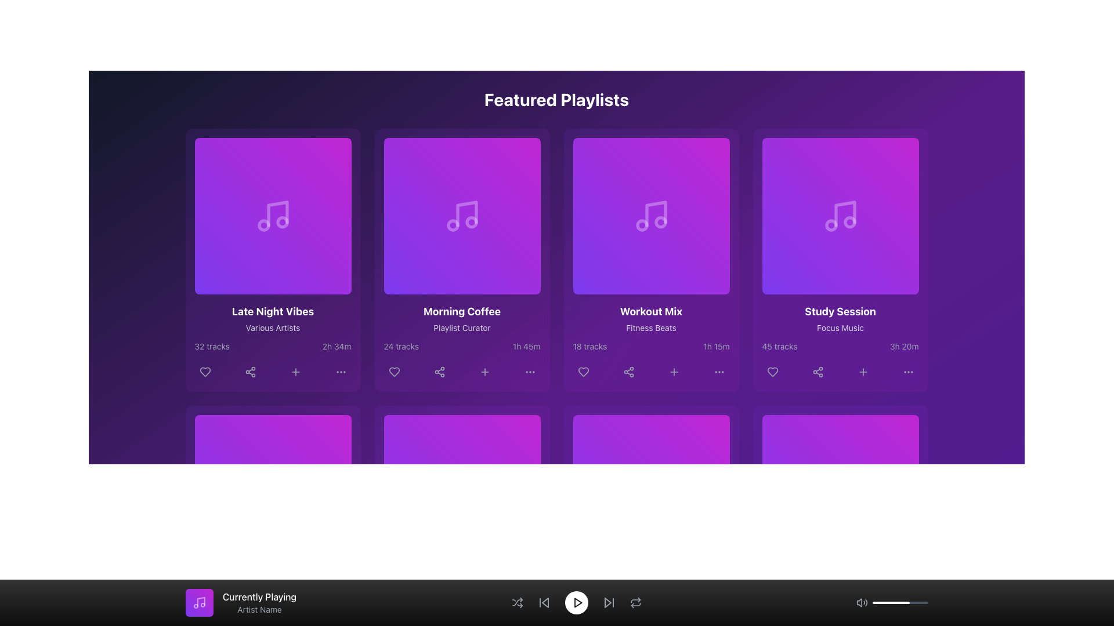 This screenshot has width=1114, height=626. Describe the element at coordinates (589, 345) in the screenshot. I see `text label displaying '18 tracks' located within the 'Workout Mix' playlist card in the 'Featured Playlists' section` at that location.